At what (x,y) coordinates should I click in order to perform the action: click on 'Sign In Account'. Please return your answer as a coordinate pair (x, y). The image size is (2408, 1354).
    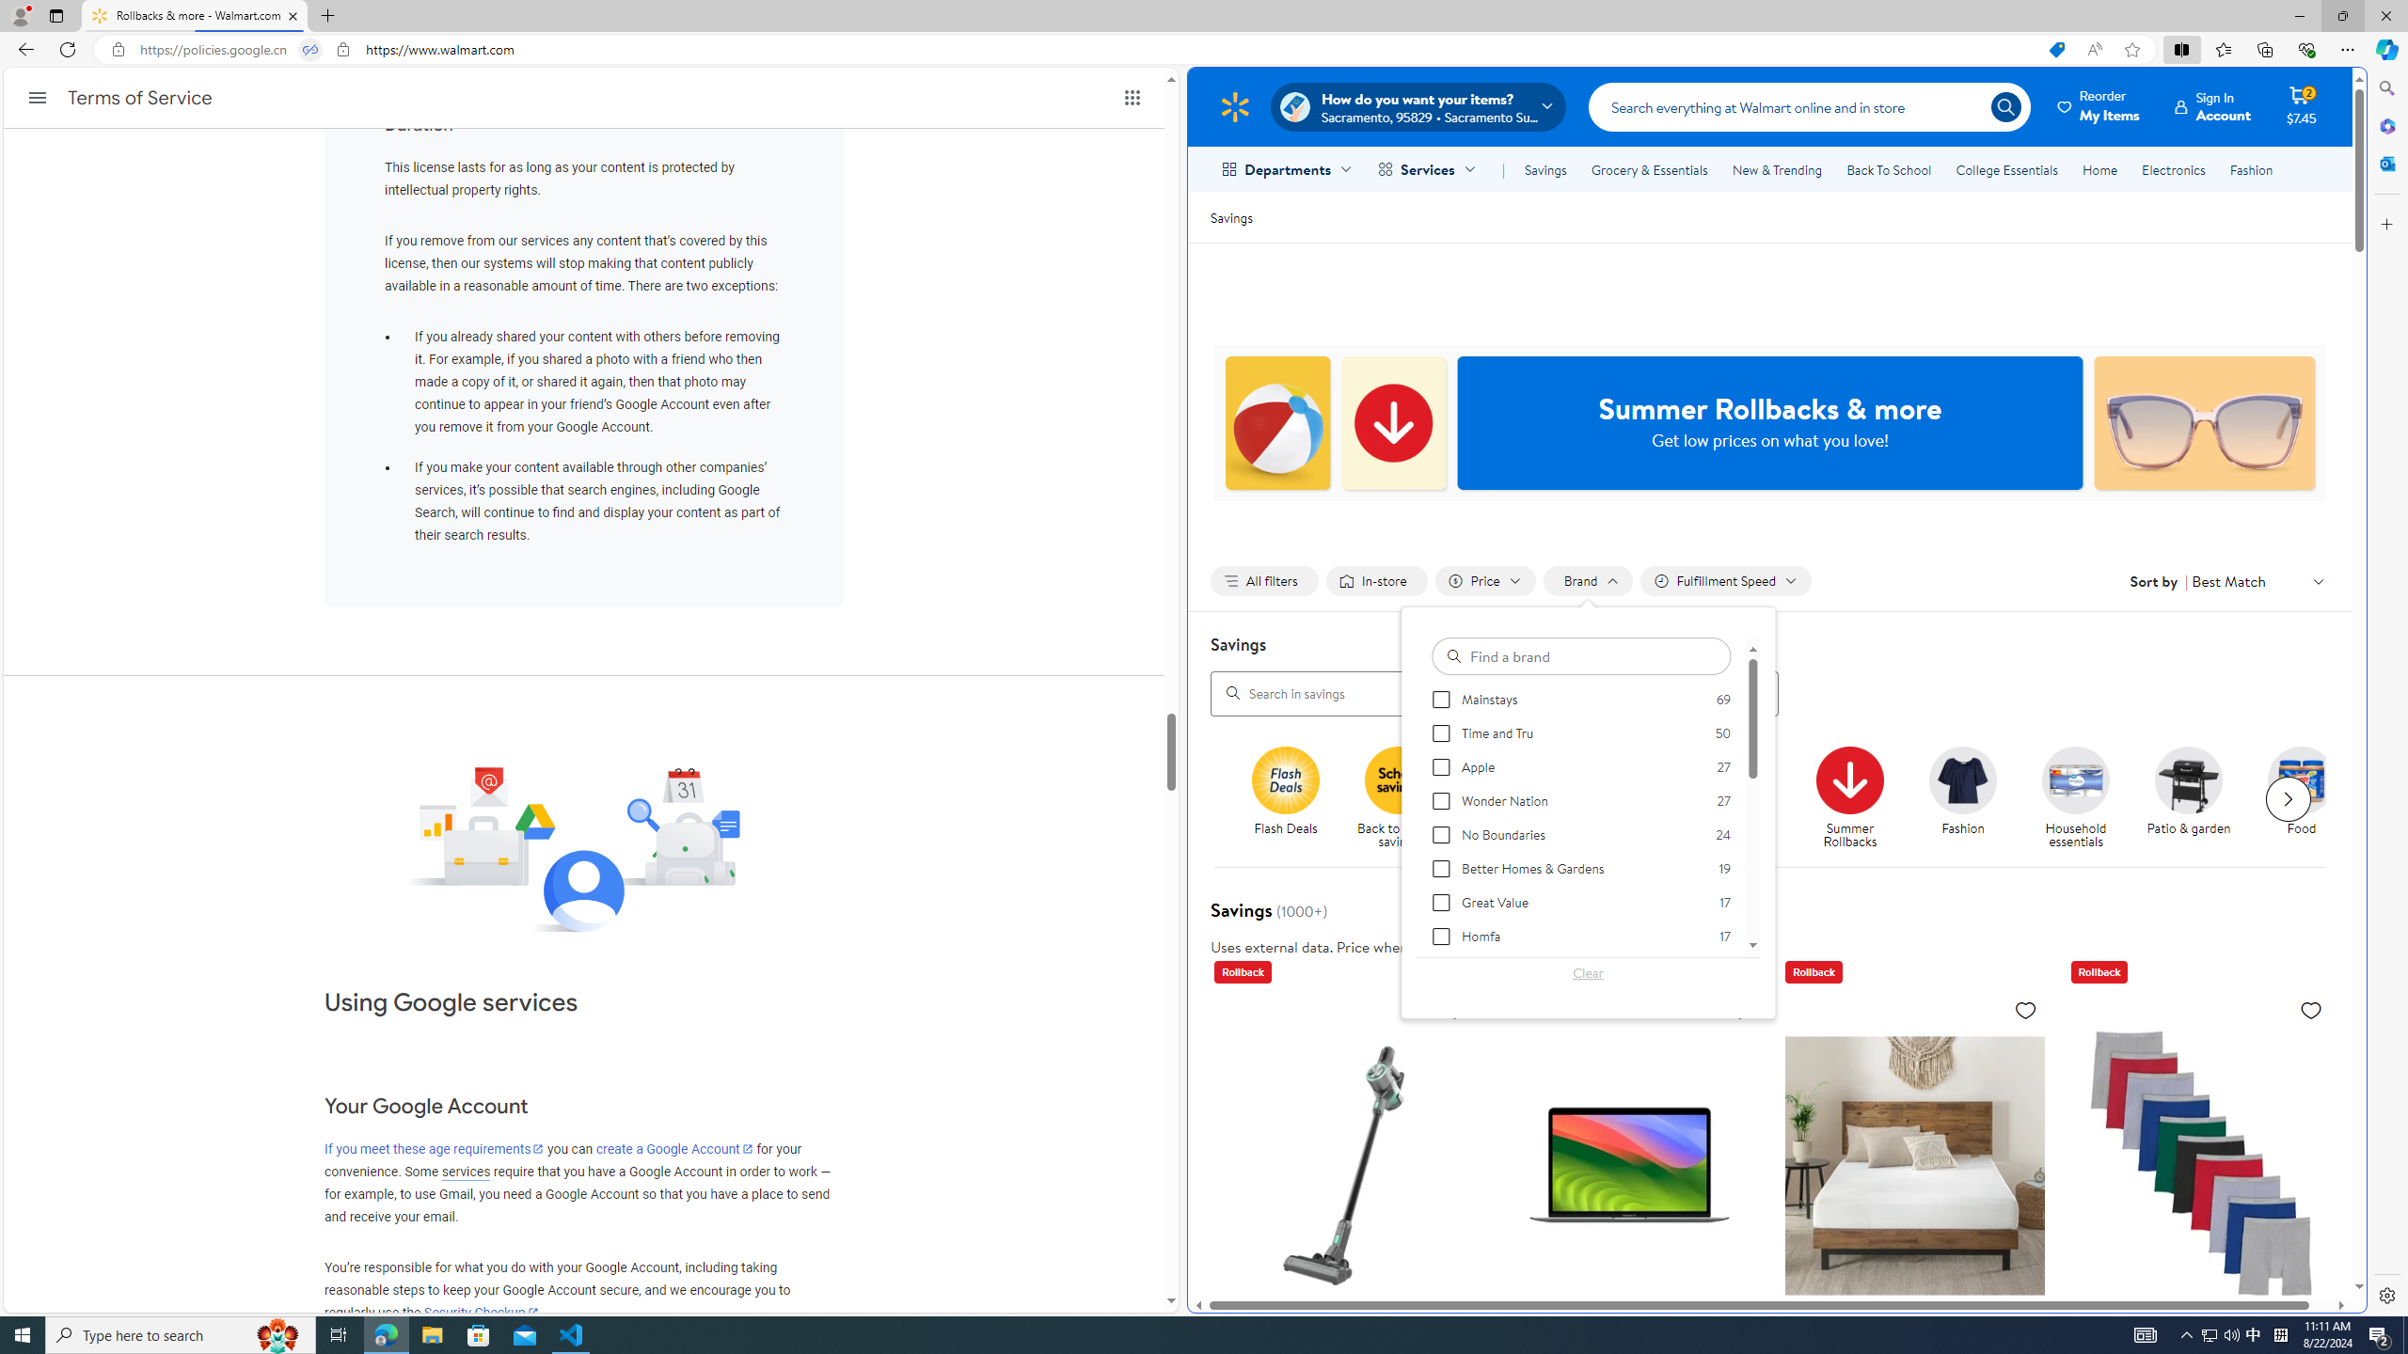
    Looking at the image, I should click on (2212, 105).